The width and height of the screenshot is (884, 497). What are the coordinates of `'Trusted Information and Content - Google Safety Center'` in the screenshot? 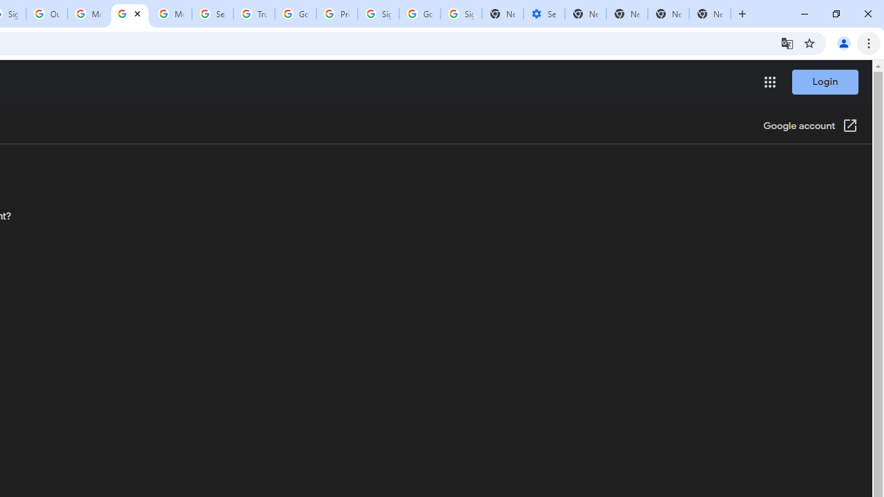 It's located at (254, 14).